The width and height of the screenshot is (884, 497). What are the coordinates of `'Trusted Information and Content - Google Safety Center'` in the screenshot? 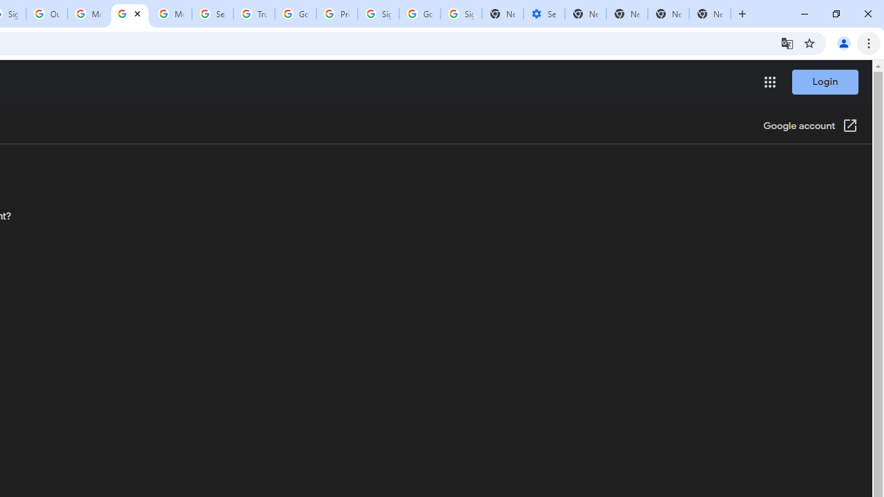 It's located at (254, 14).